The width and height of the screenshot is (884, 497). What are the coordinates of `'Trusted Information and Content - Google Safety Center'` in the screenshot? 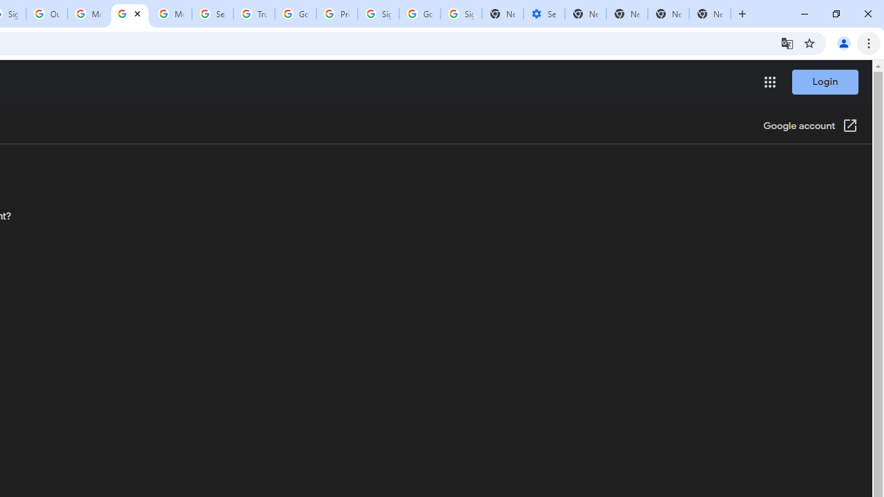 It's located at (254, 14).